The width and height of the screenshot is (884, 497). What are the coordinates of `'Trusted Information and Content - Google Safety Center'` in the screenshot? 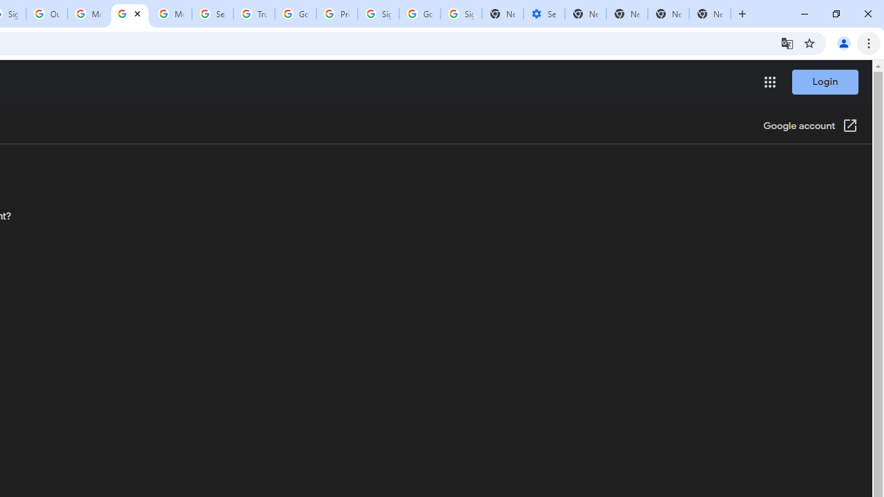 It's located at (254, 14).